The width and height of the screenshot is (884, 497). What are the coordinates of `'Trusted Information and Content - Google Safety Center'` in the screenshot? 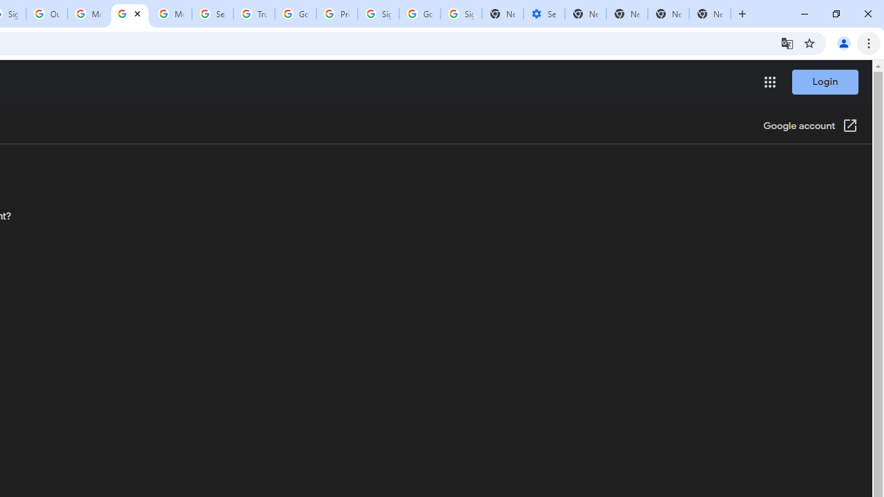 It's located at (254, 14).